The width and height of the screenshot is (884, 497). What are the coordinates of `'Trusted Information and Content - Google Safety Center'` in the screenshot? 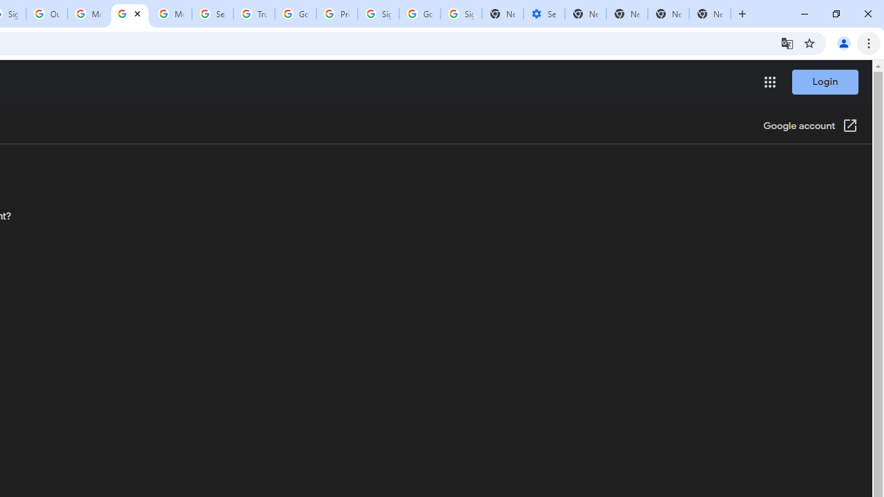 It's located at (254, 14).